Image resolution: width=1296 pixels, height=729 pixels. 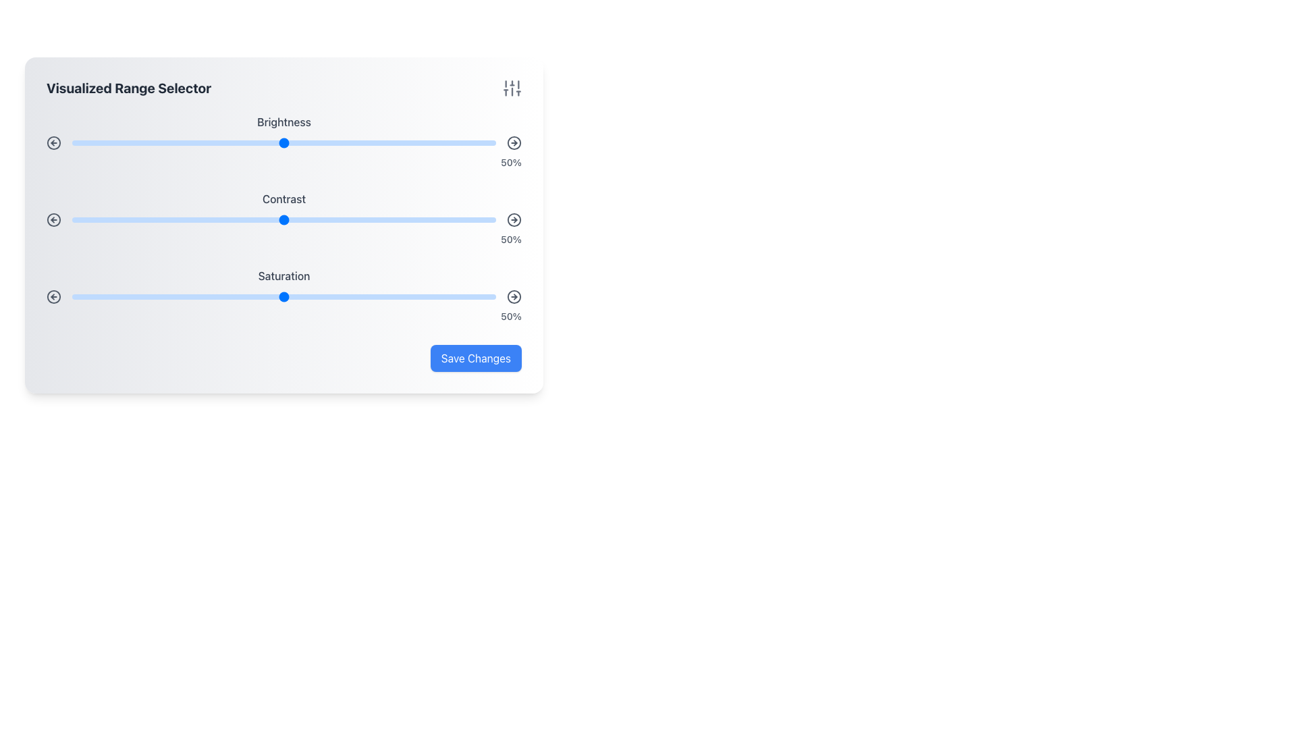 What do you see at coordinates (317, 143) in the screenshot?
I see `the brightness` at bounding box center [317, 143].